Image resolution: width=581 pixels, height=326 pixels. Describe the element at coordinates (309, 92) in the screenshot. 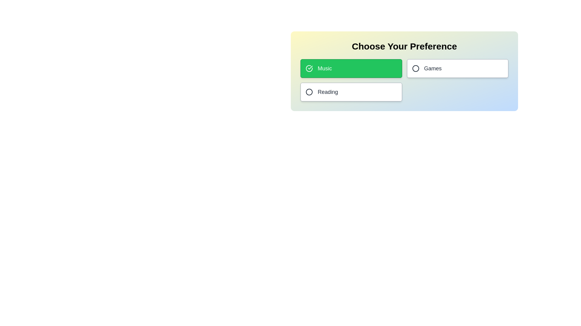

I see `the circular outline of the radio button associated with the 'Reading' preference option for a hover effect` at that location.